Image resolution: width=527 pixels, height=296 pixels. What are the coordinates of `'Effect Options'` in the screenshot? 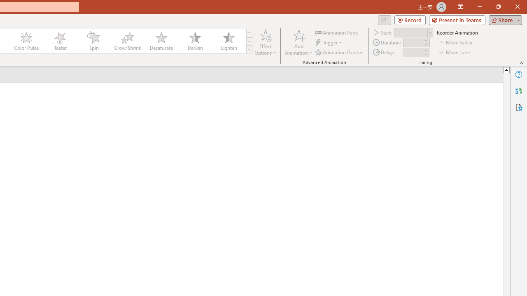 It's located at (266, 42).